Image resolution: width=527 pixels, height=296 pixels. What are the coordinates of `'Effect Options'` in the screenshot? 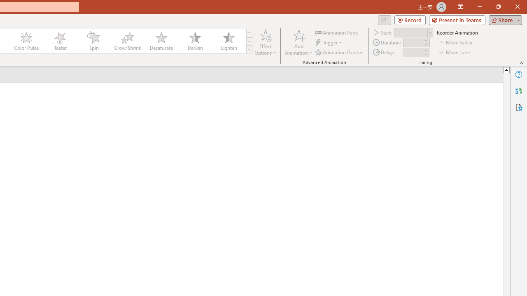 It's located at (266, 42).